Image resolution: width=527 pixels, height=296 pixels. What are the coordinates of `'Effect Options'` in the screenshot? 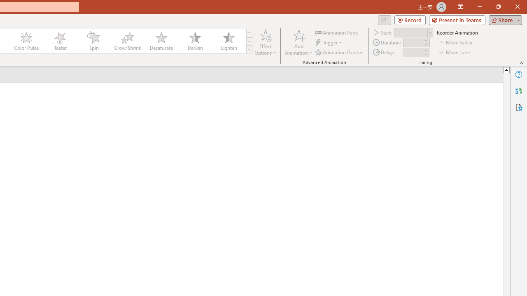 It's located at (266, 42).